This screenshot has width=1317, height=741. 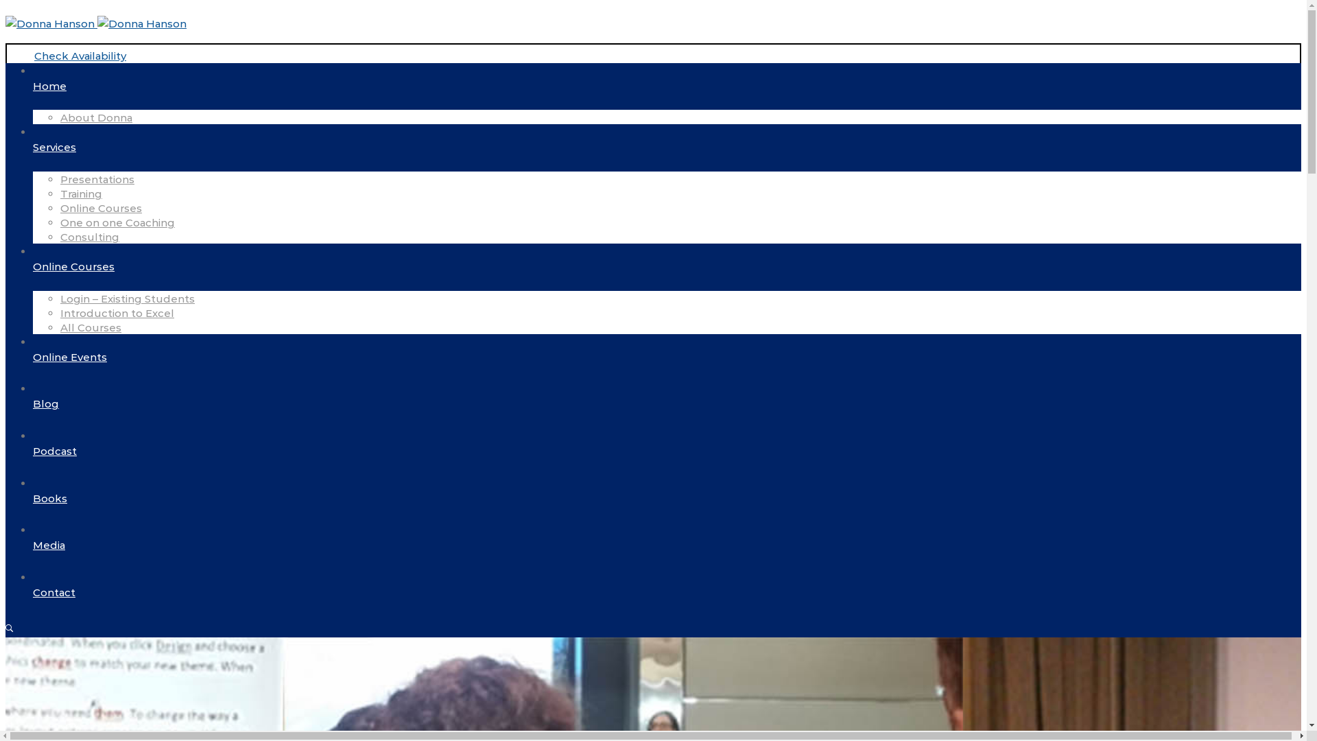 What do you see at coordinates (667, 147) in the screenshot?
I see `'Services'` at bounding box center [667, 147].